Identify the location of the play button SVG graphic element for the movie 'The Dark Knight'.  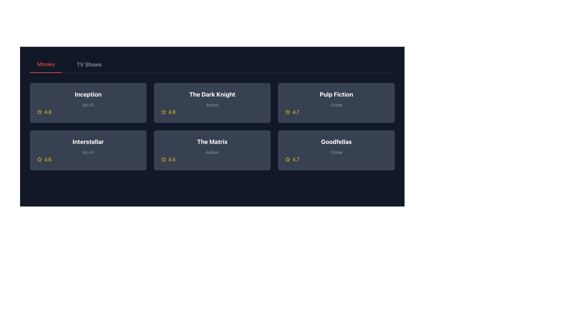
(192, 103).